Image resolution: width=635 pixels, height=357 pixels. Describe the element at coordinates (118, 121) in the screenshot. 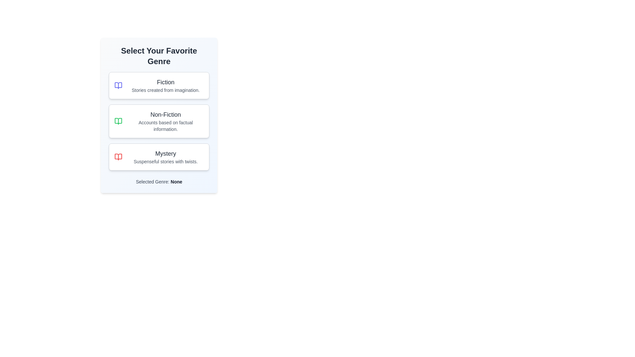

I see `the green open book icon located to the left of the 'Non-Fiction' text in the second selectable genre option` at that location.